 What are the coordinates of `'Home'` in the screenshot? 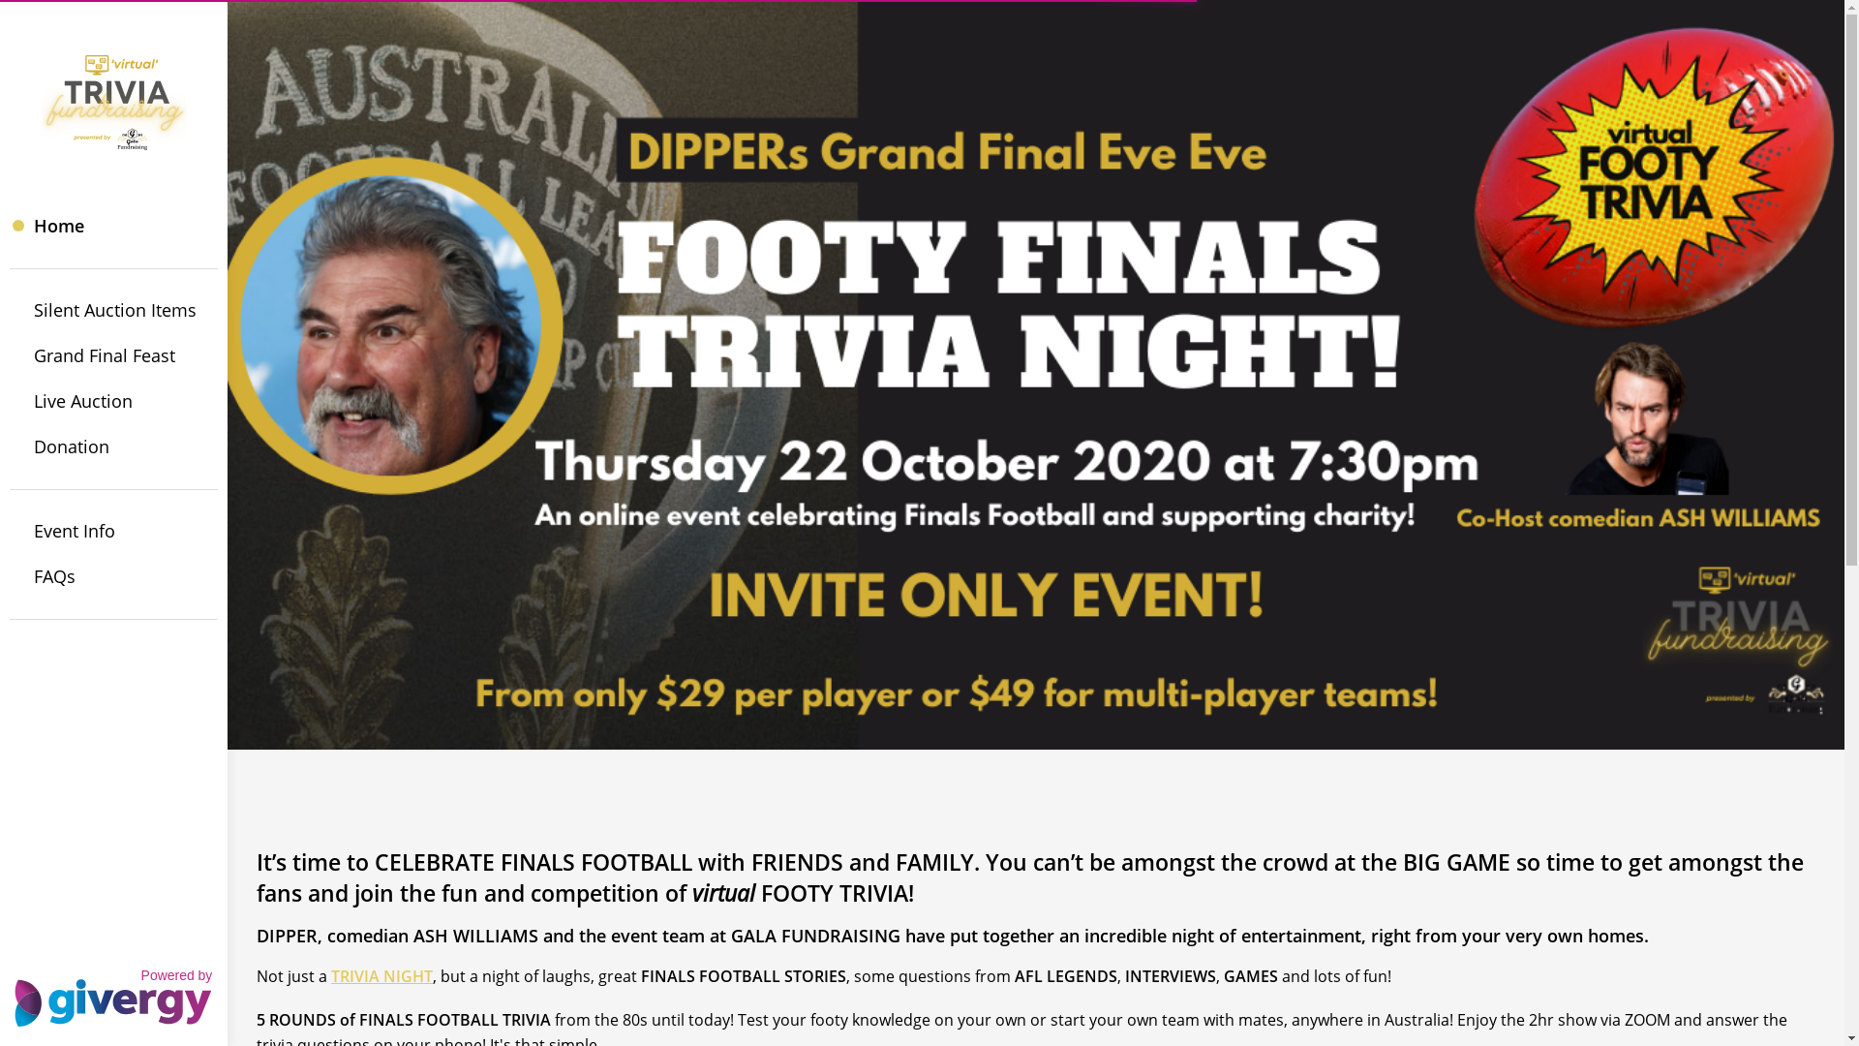 It's located at (112, 225).